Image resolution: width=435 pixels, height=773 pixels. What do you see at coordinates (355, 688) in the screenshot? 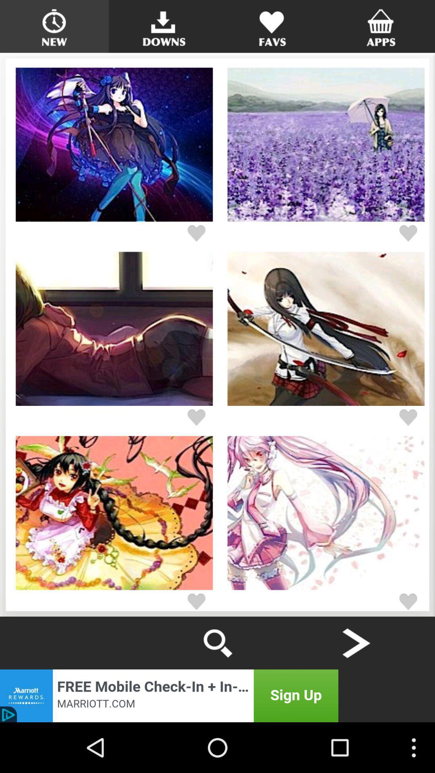
I see `the arrow_forward icon` at bounding box center [355, 688].